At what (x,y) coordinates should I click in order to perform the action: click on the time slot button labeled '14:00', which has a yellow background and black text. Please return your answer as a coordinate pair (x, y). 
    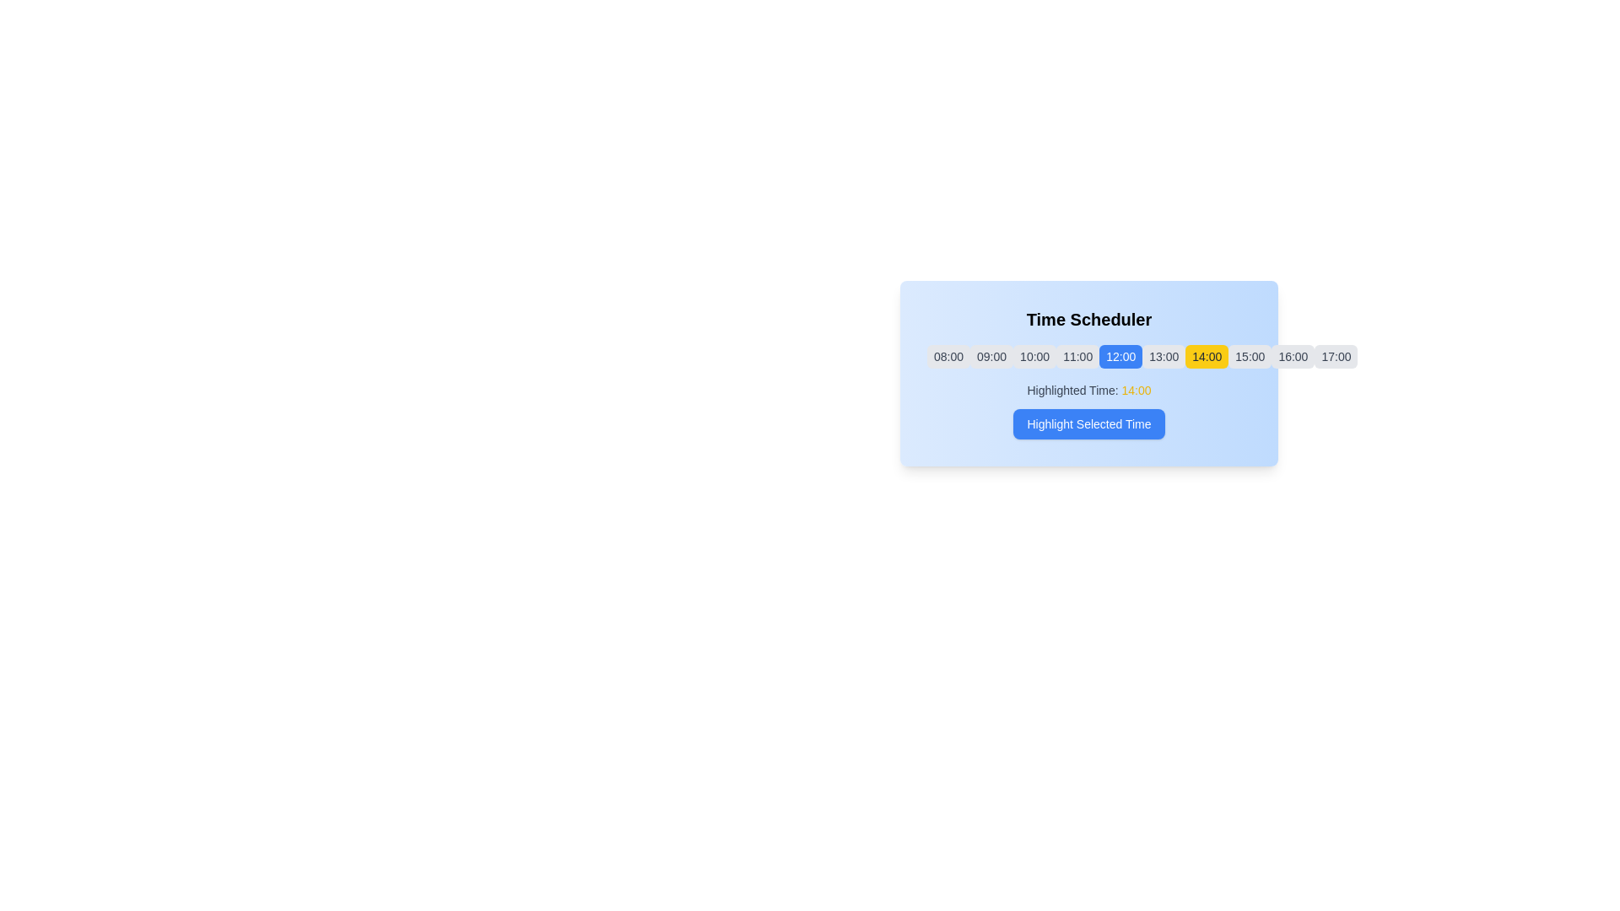
    Looking at the image, I should click on (1206, 356).